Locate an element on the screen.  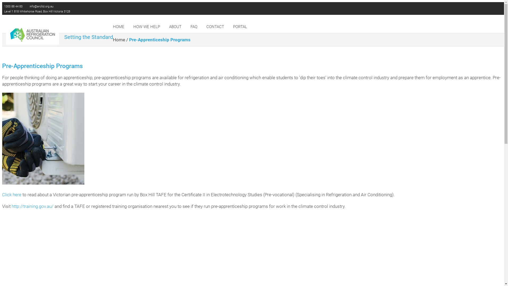
'ABOUT' is located at coordinates (175, 26).